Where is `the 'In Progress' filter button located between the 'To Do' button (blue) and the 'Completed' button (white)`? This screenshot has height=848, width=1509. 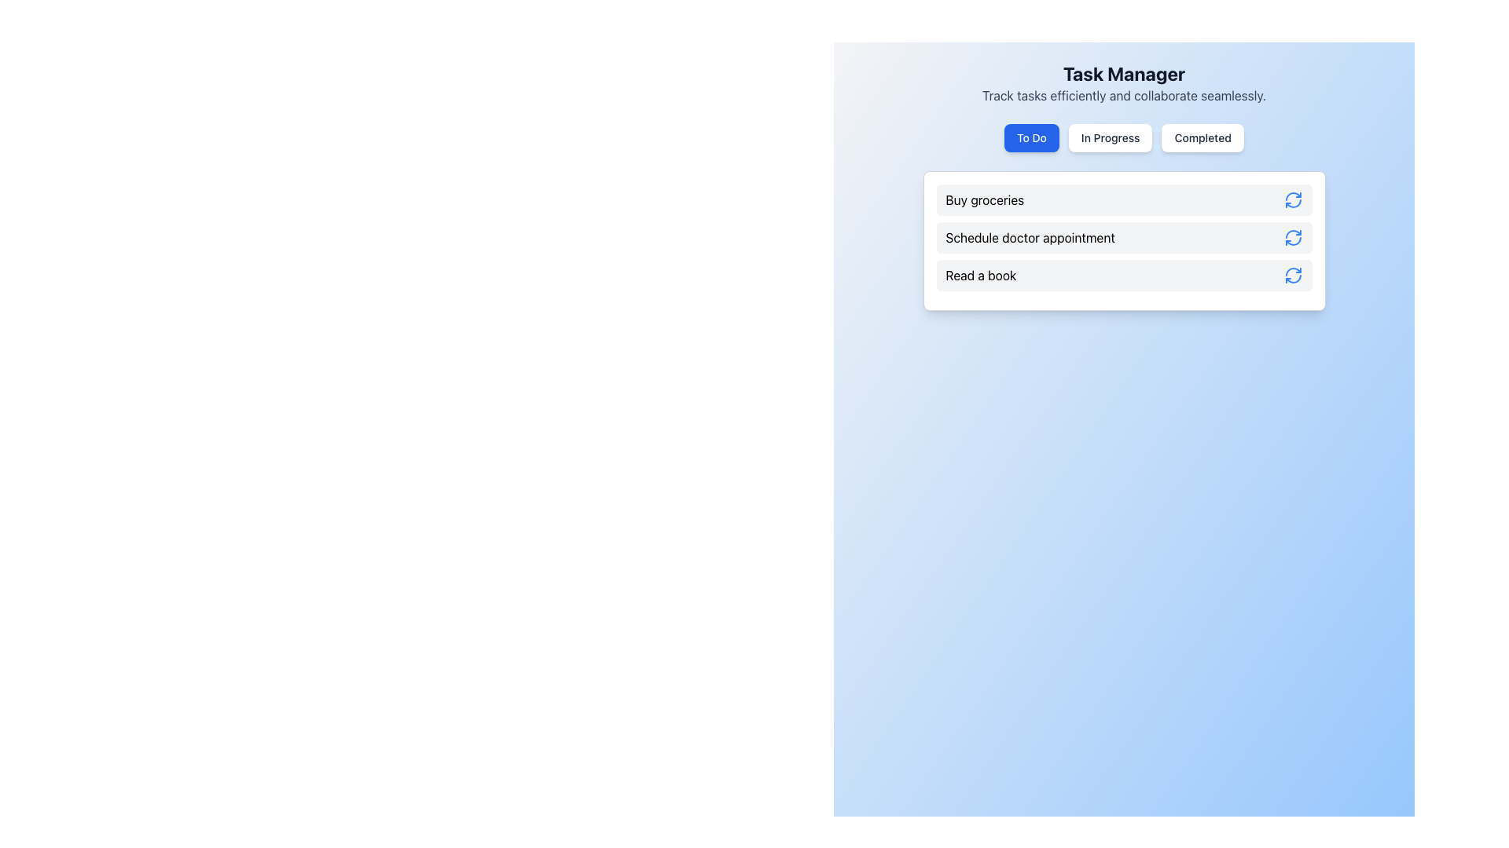
the 'In Progress' filter button located between the 'To Do' button (blue) and the 'Completed' button (white) is located at coordinates (1110, 137).